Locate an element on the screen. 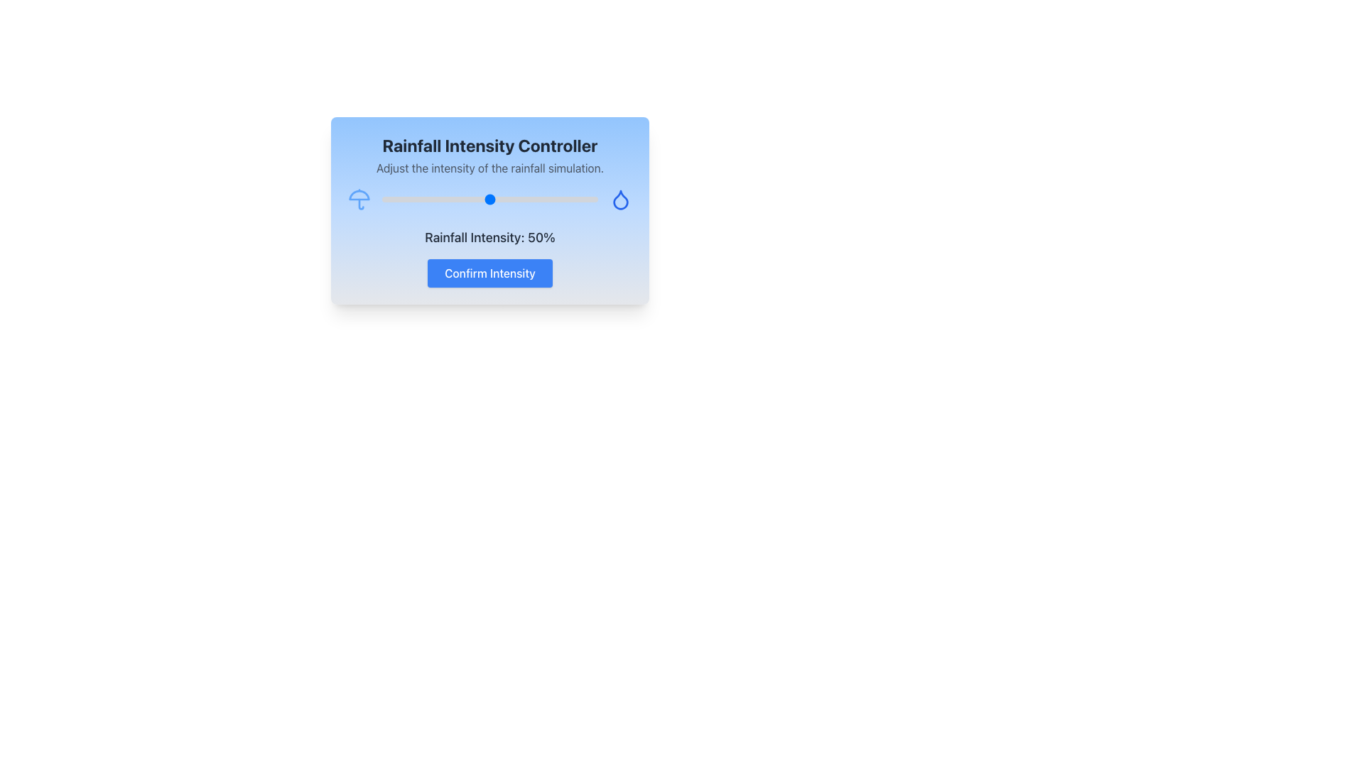 Image resolution: width=1364 pixels, height=767 pixels. the rainfall intensity is located at coordinates (515, 200).